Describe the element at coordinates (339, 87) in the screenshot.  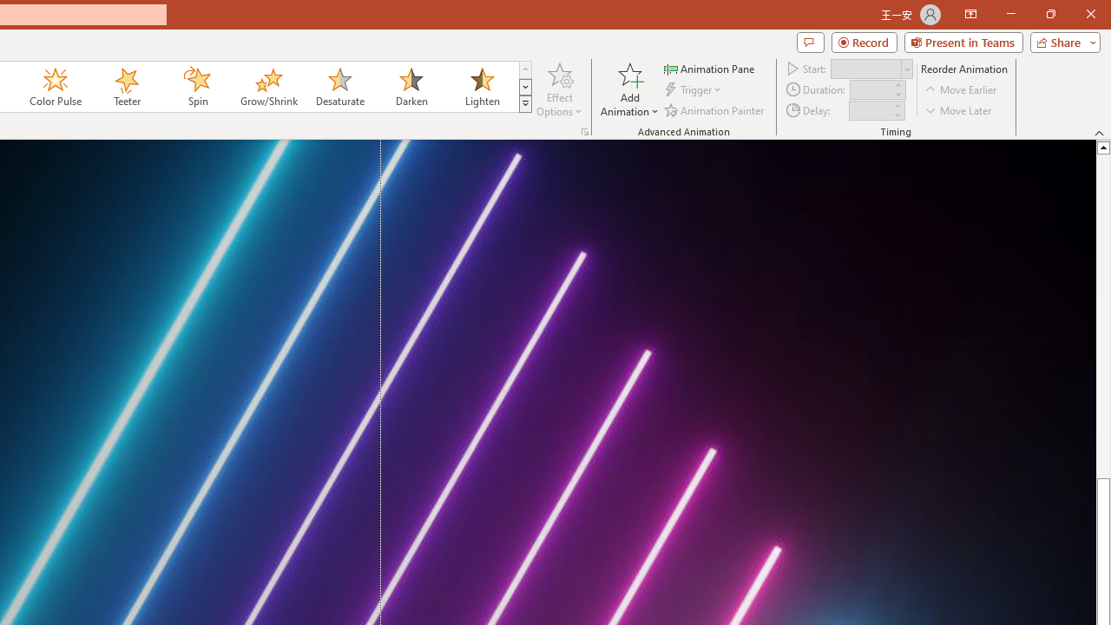
I see `'Desaturate'` at that location.